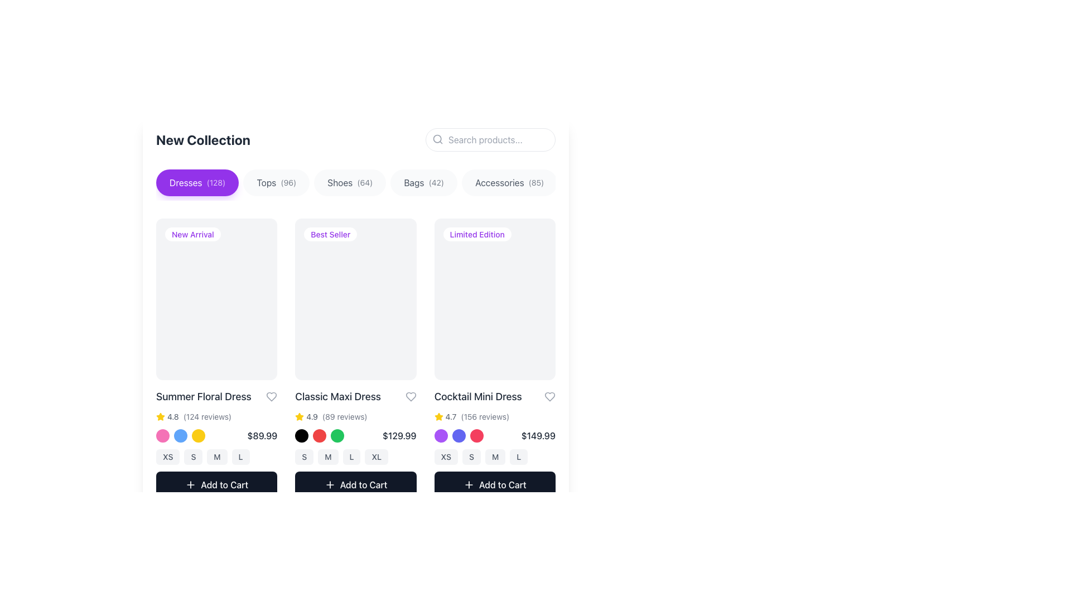 This screenshot has width=1071, height=602. I want to click on the text label displaying the value '4.7', which is styled in gray and positioned to the right of a star icon in the third product card for 'Cocktail Mini Dress', to potentially display additional information, so click(451, 416).